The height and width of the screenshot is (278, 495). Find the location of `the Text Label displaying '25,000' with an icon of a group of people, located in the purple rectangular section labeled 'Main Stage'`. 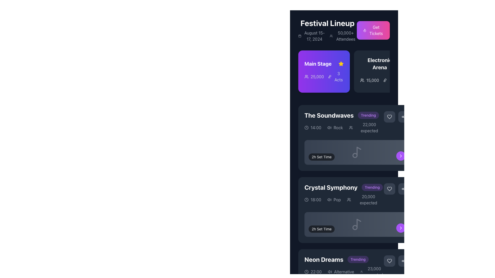

the Text Label displaying '25,000' with an icon of a group of people, located in the purple rectangular section labeled 'Main Stage' is located at coordinates (314, 76).